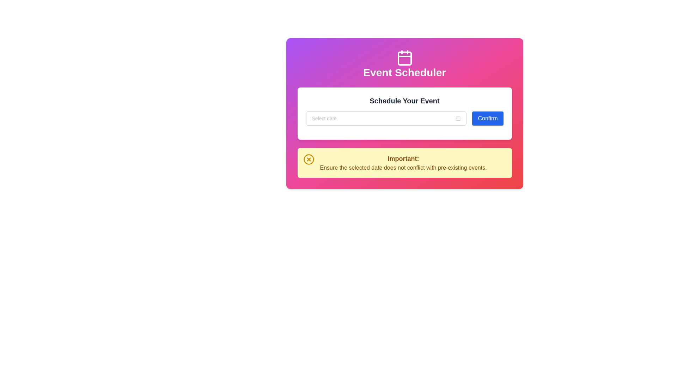  I want to click on the calendar icon button located at the right end of the date input box, so click(458, 118).